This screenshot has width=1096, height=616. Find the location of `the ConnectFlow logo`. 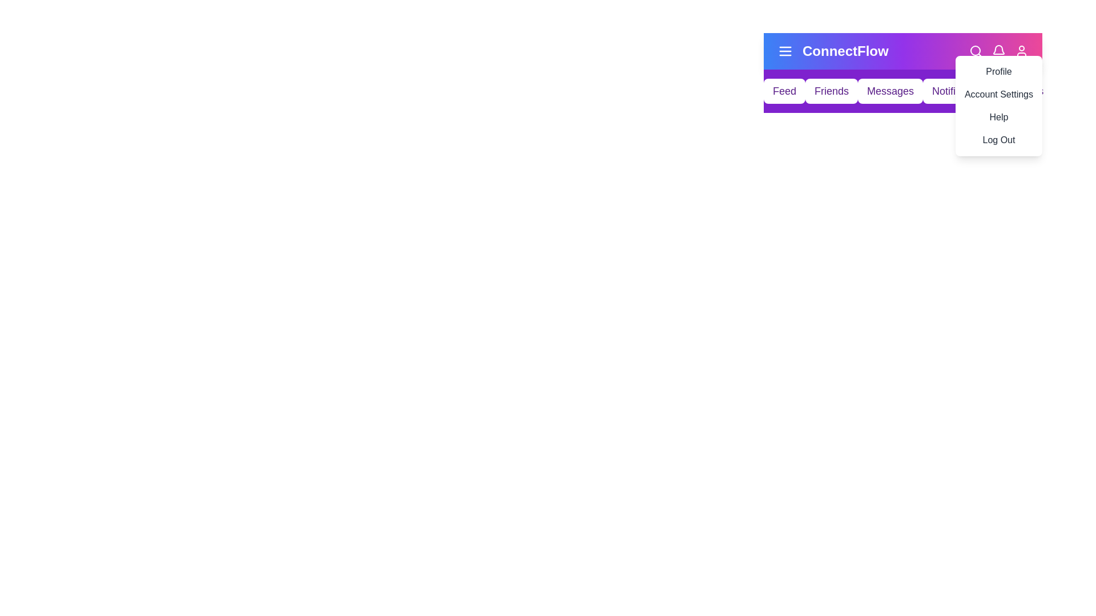

the ConnectFlow logo is located at coordinates (845, 50).